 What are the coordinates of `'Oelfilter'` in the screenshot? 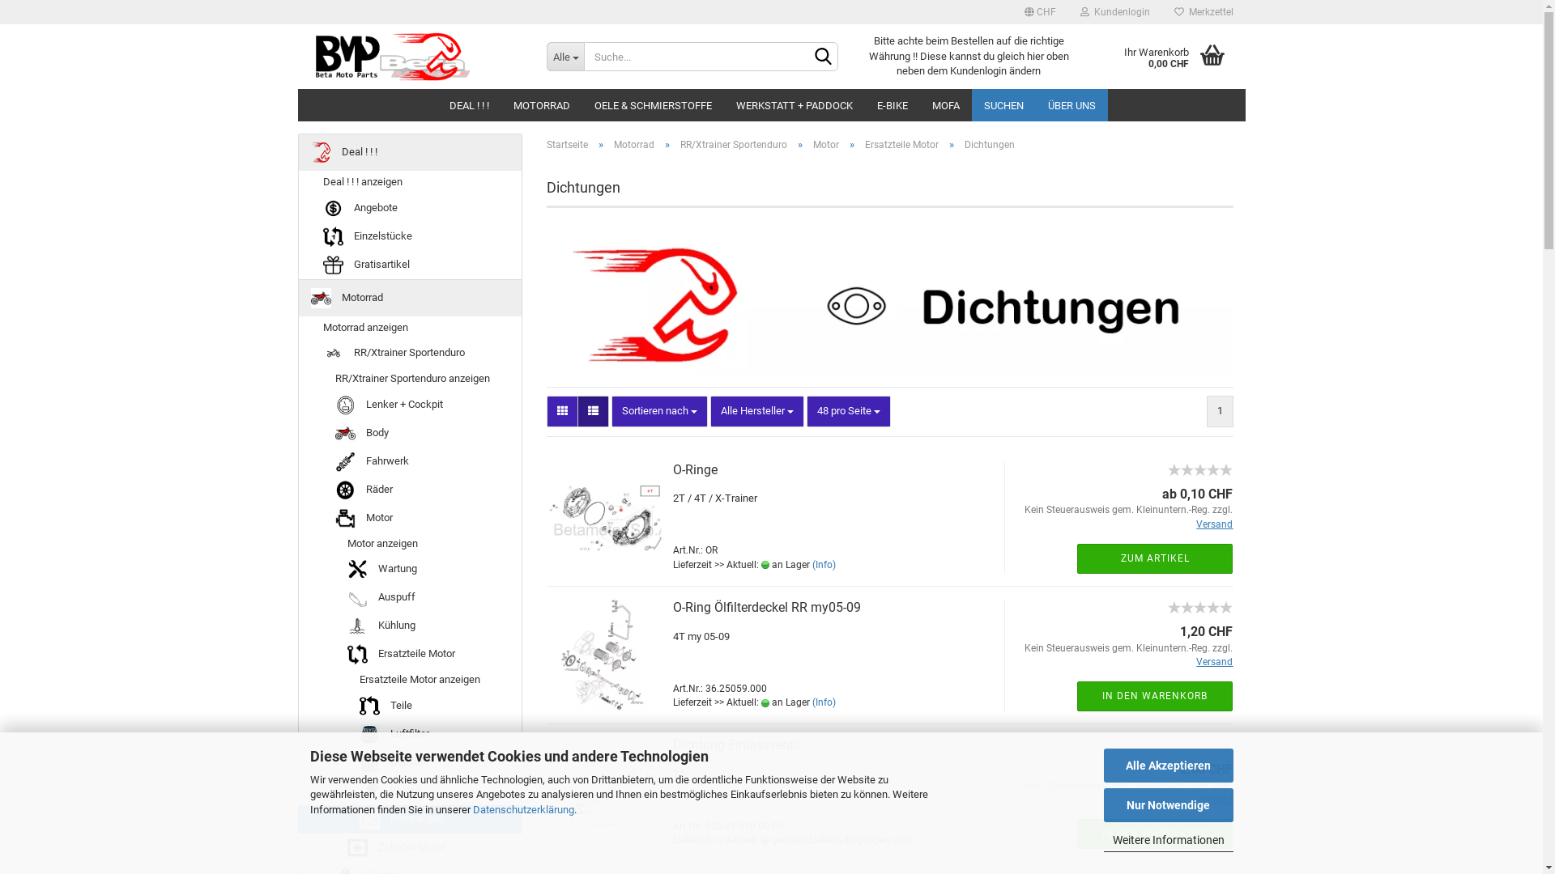 It's located at (409, 762).